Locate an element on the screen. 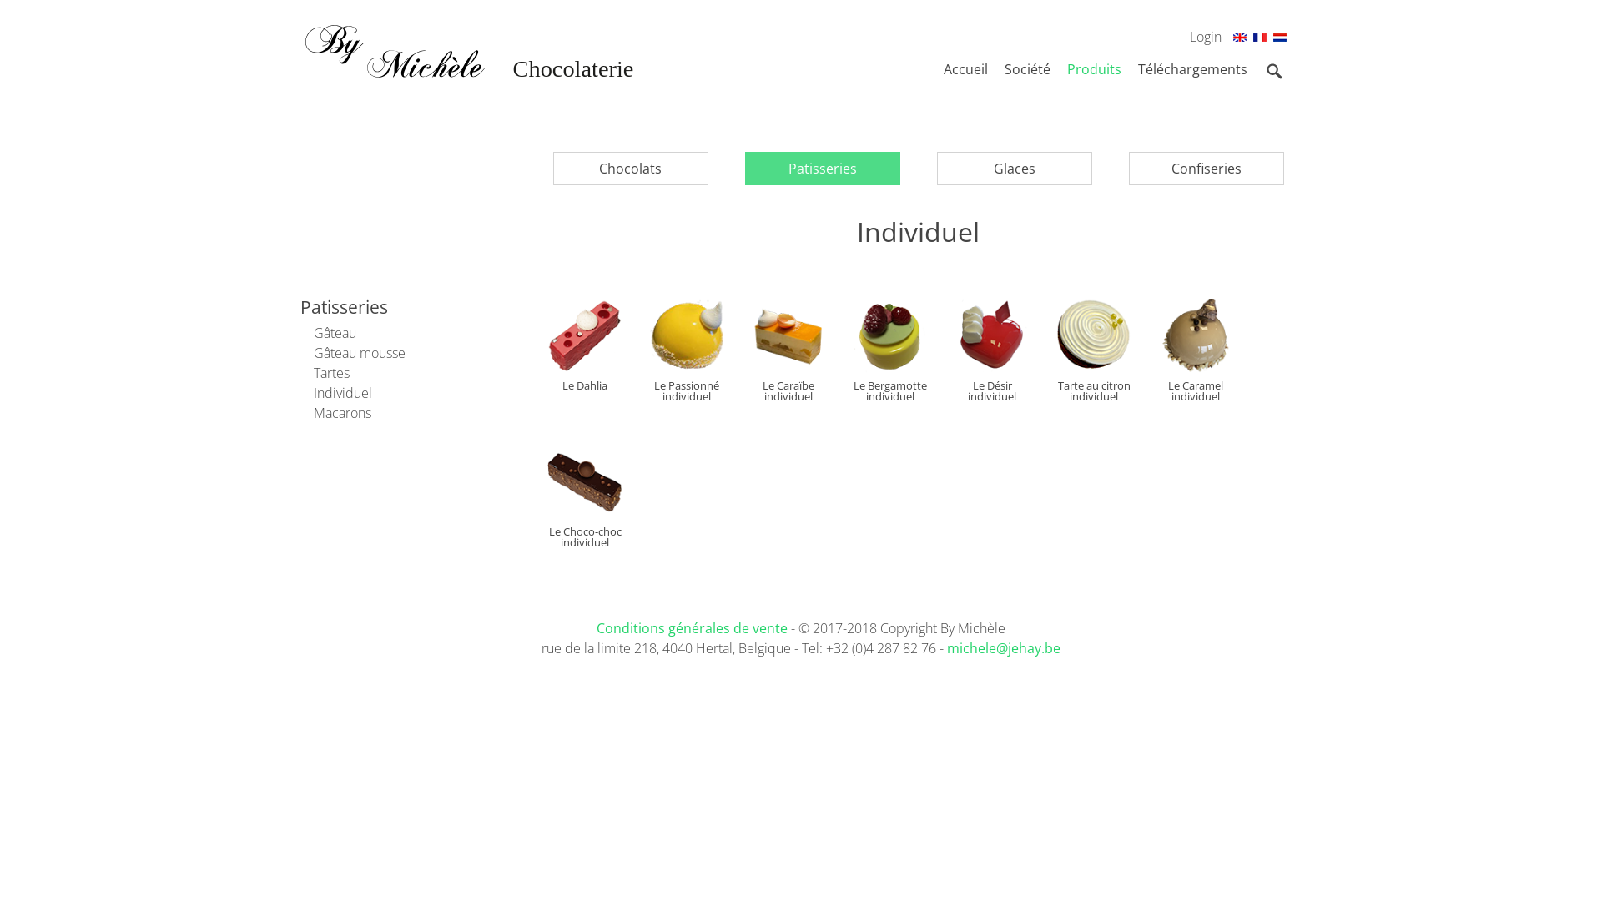 Image resolution: width=1602 pixels, height=901 pixels. 'Le Bergamotte individuel' is located at coordinates (889, 350).